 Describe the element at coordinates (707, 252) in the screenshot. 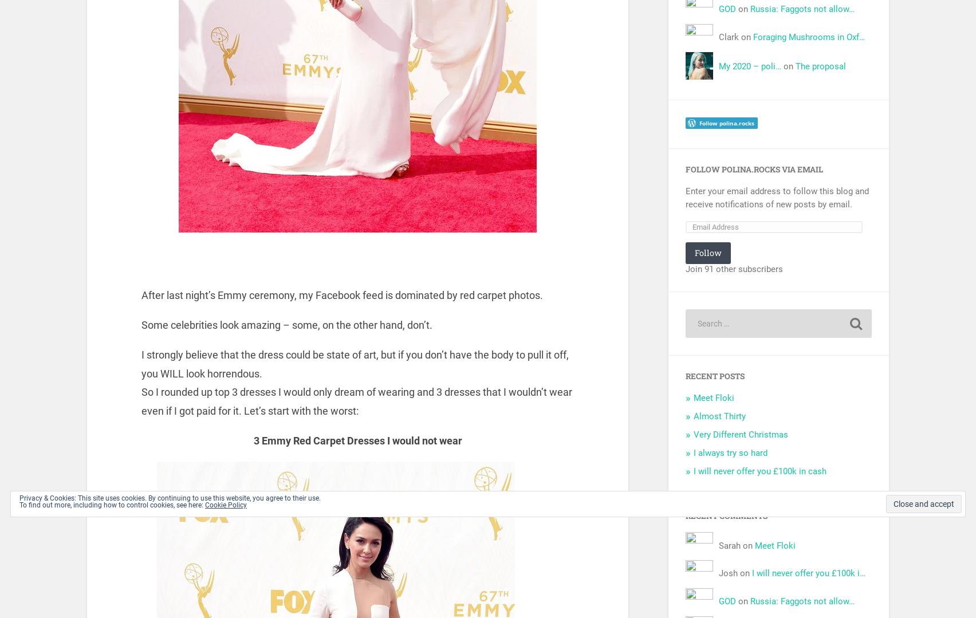

I see `'Follow'` at that location.